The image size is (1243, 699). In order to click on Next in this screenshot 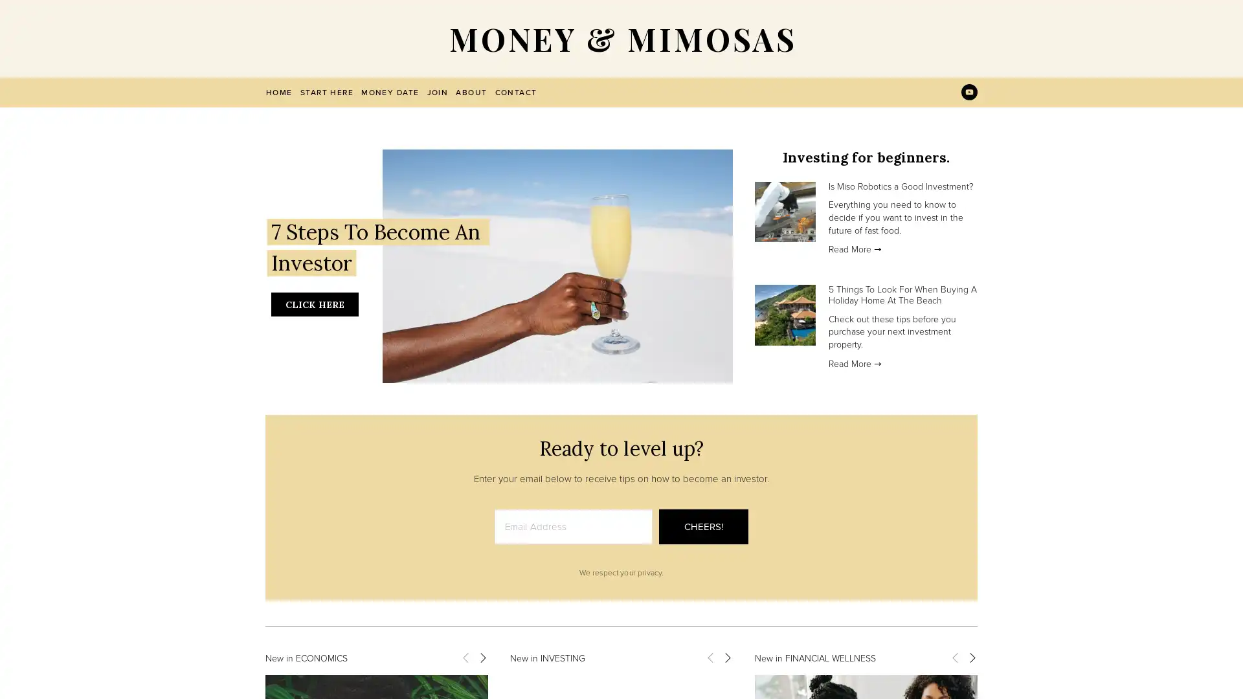, I will do `click(481, 656)`.